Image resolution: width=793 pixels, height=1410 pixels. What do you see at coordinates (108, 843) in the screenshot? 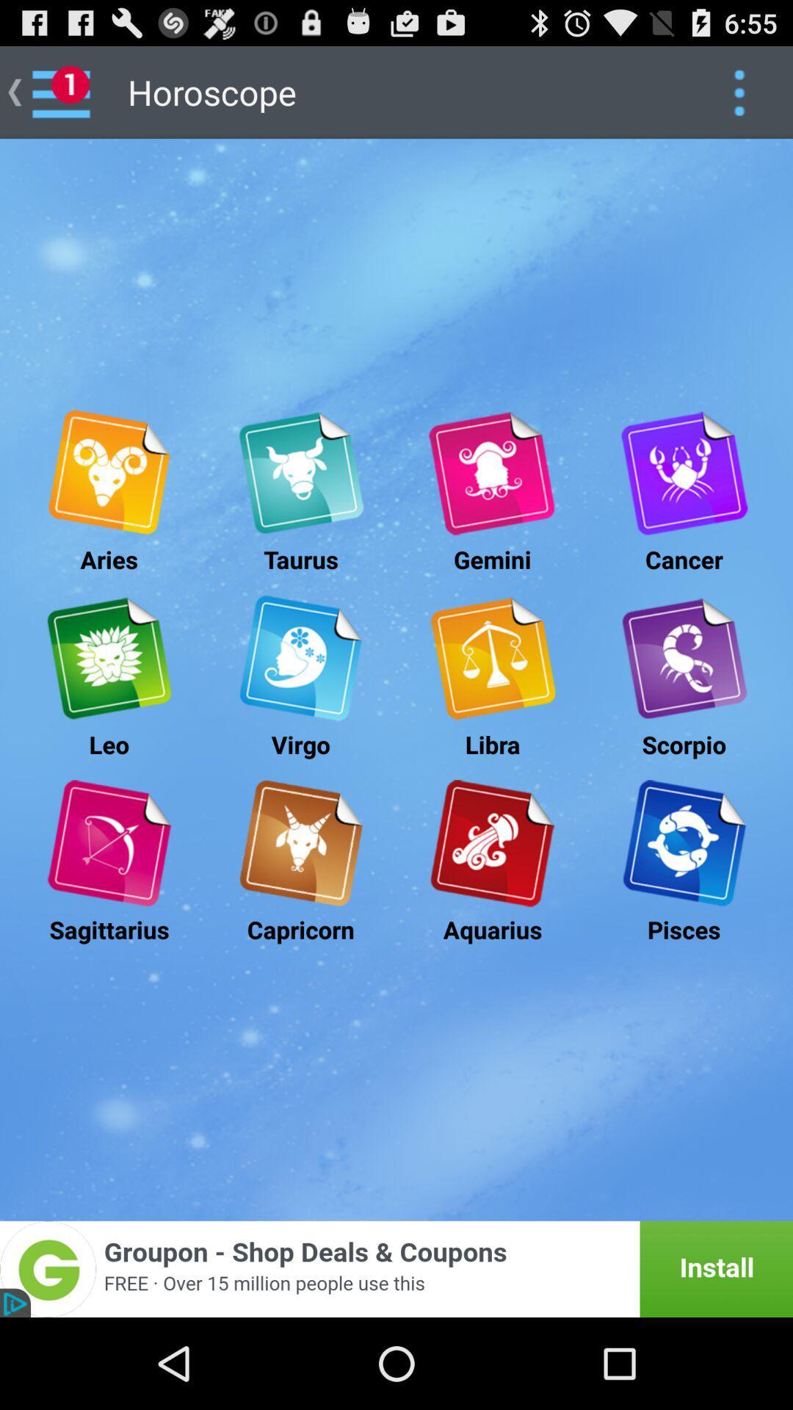
I see `pick sagittarius` at bounding box center [108, 843].